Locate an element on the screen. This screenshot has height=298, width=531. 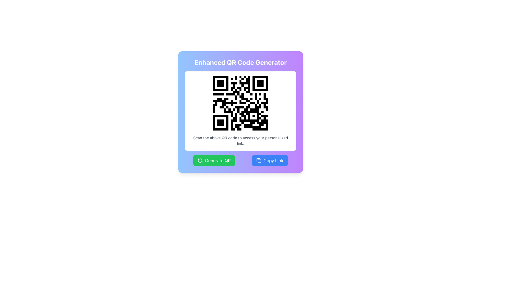
the green button labeled 'Generate QR' with a refresh arrow icon to generate a QR code is located at coordinates (214, 161).